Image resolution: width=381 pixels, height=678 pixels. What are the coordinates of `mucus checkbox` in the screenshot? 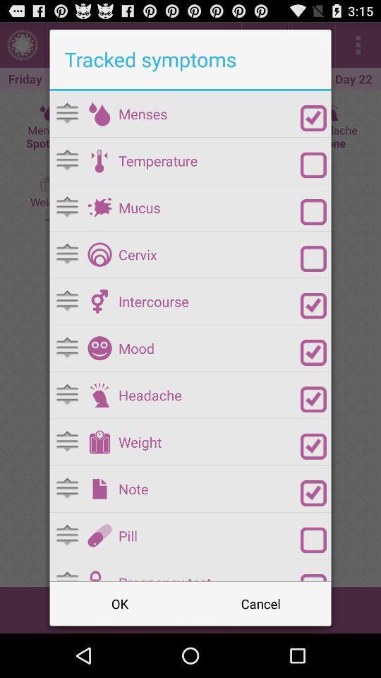 It's located at (313, 211).